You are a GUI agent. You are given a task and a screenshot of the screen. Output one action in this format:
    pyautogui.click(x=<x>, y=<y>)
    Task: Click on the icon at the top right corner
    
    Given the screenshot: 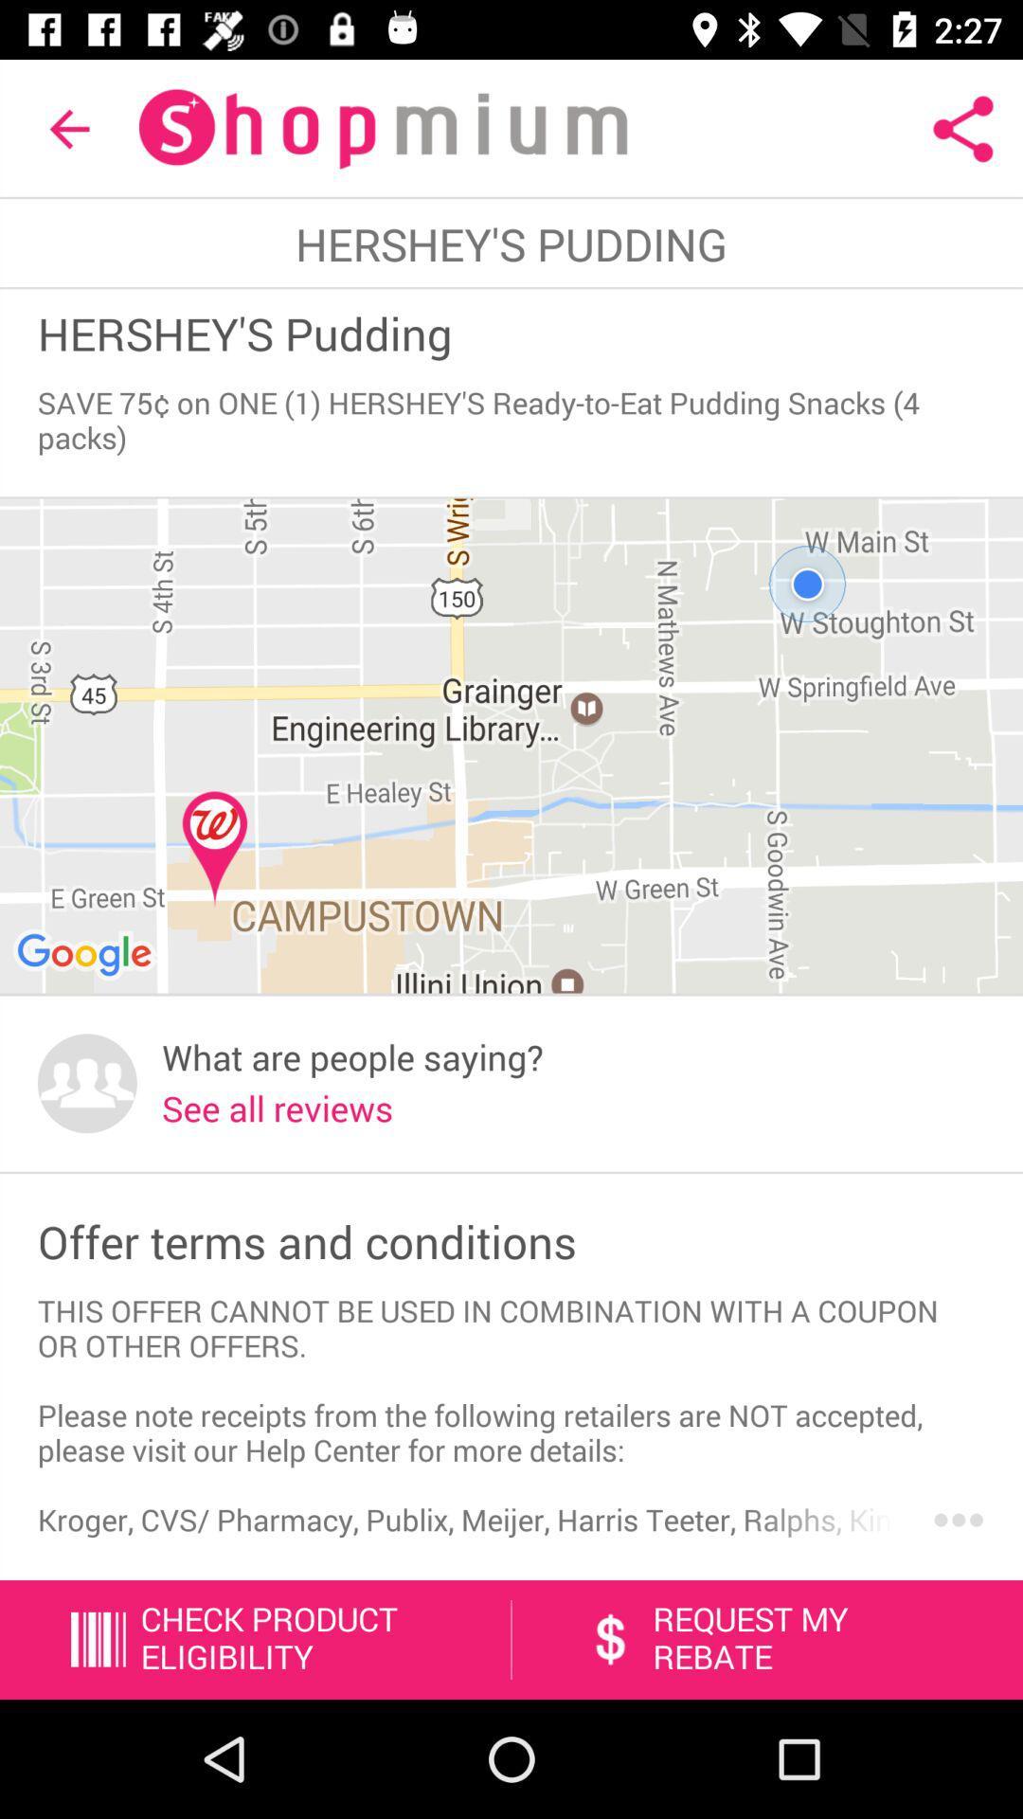 What is the action you would take?
    pyautogui.click(x=963, y=128)
    